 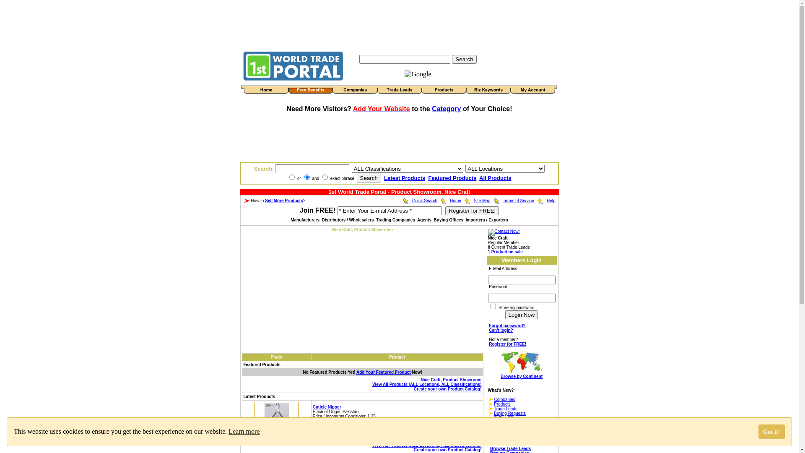 I want to click on 'Sell More Products', so click(x=284, y=200).